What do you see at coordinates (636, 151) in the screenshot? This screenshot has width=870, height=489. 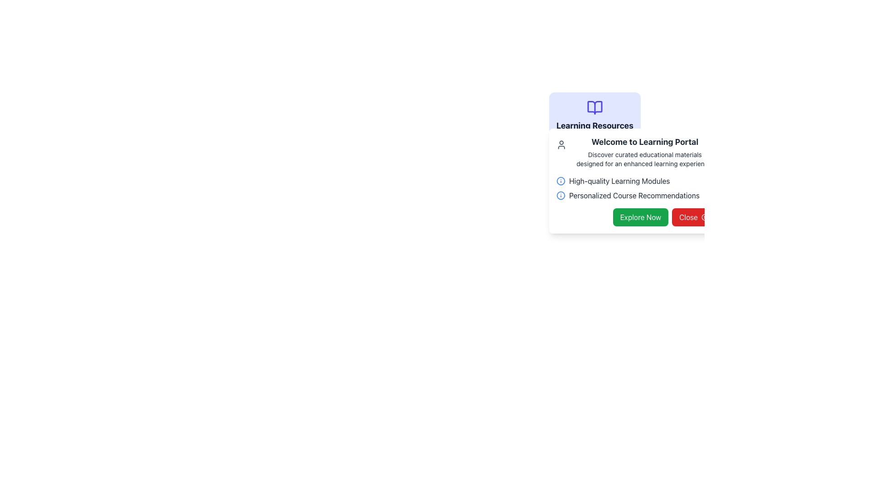 I see `the static text element titled 'Welcome to Learning Portal', which introduces the Learning Portal and is located in the upper section of a popup card` at bounding box center [636, 151].